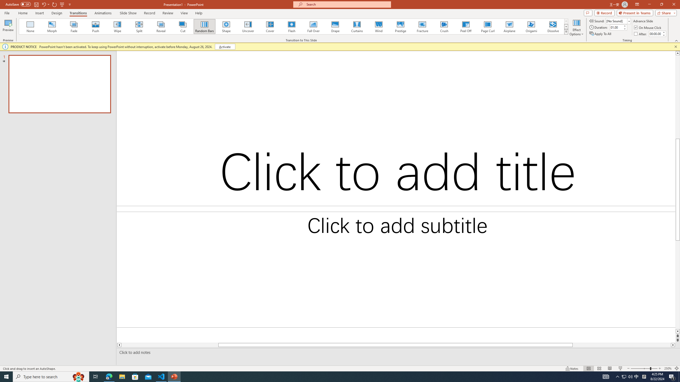  I want to click on 'Crush', so click(444, 26).